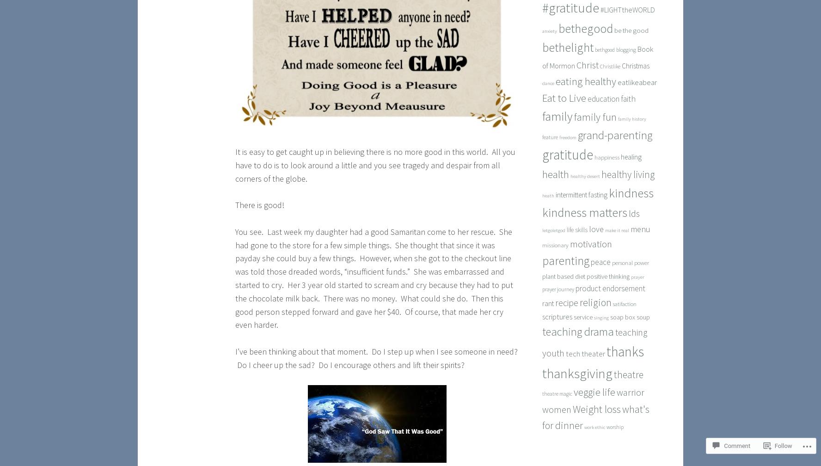  Describe the element at coordinates (625, 351) in the screenshot. I see `'thanks'` at that location.